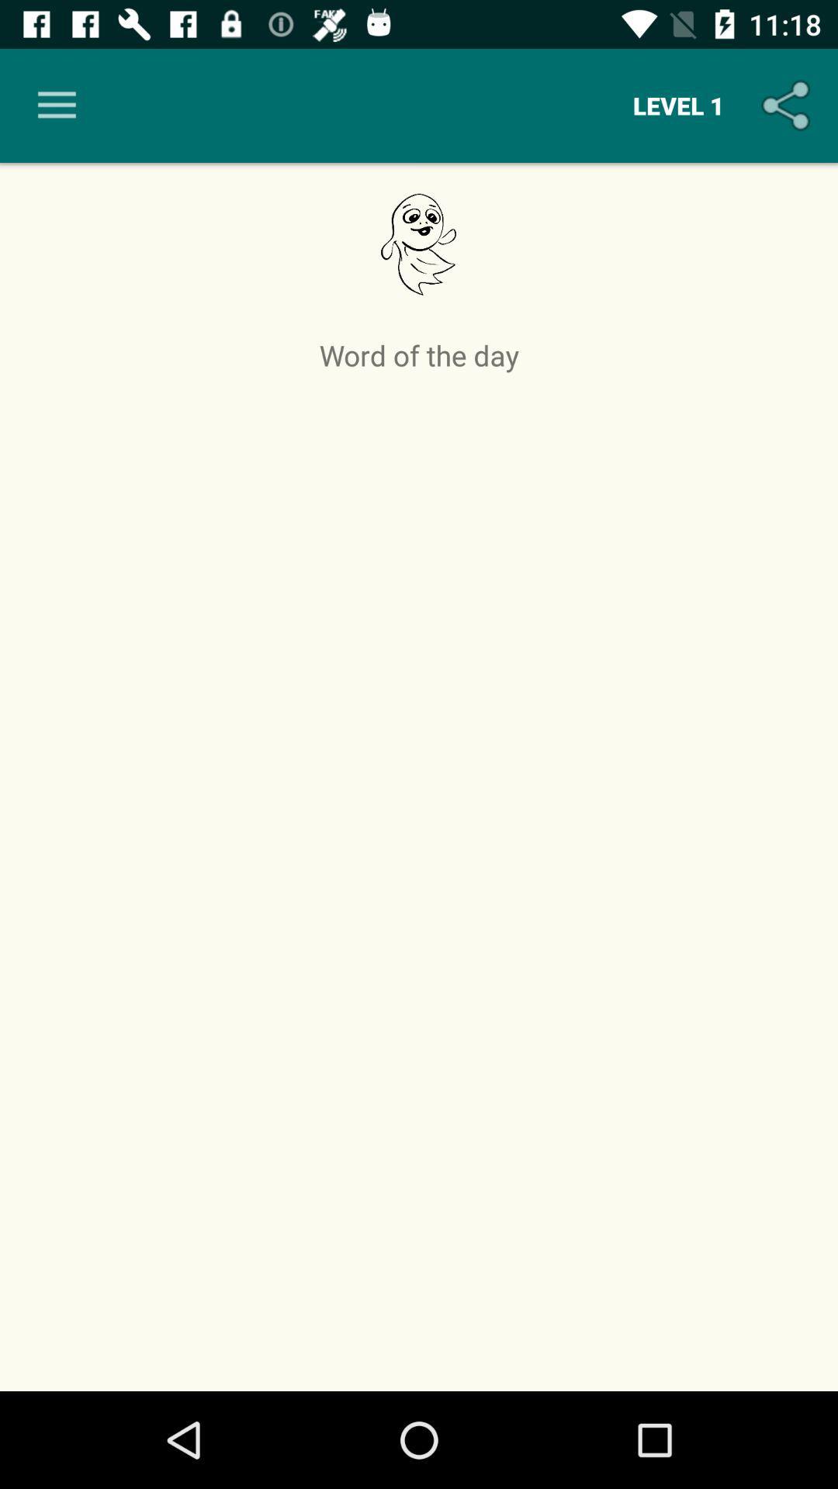  I want to click on the item at the center, so click(419, 877).